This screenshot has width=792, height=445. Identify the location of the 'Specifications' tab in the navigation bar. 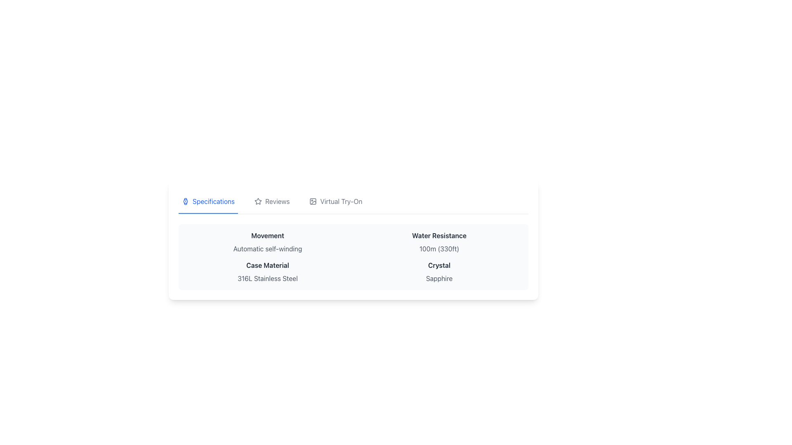
(208, 201).